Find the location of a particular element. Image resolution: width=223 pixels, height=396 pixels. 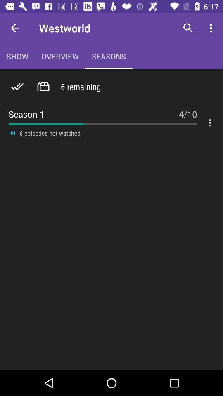

the icon next to the seasons is located at coordinates (188, 28).